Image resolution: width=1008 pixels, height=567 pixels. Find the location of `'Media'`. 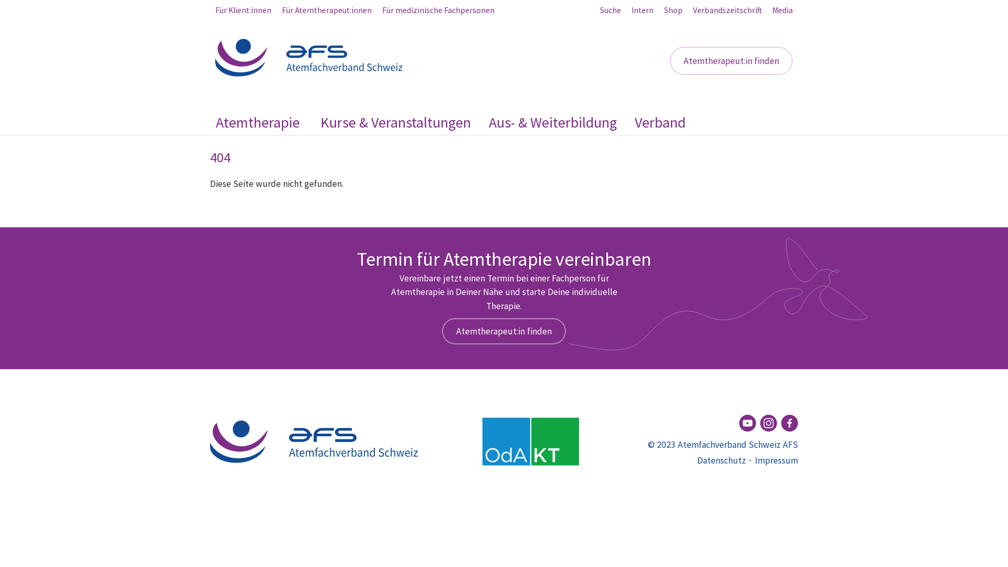

'Media' is located at coordinates (782, 10).